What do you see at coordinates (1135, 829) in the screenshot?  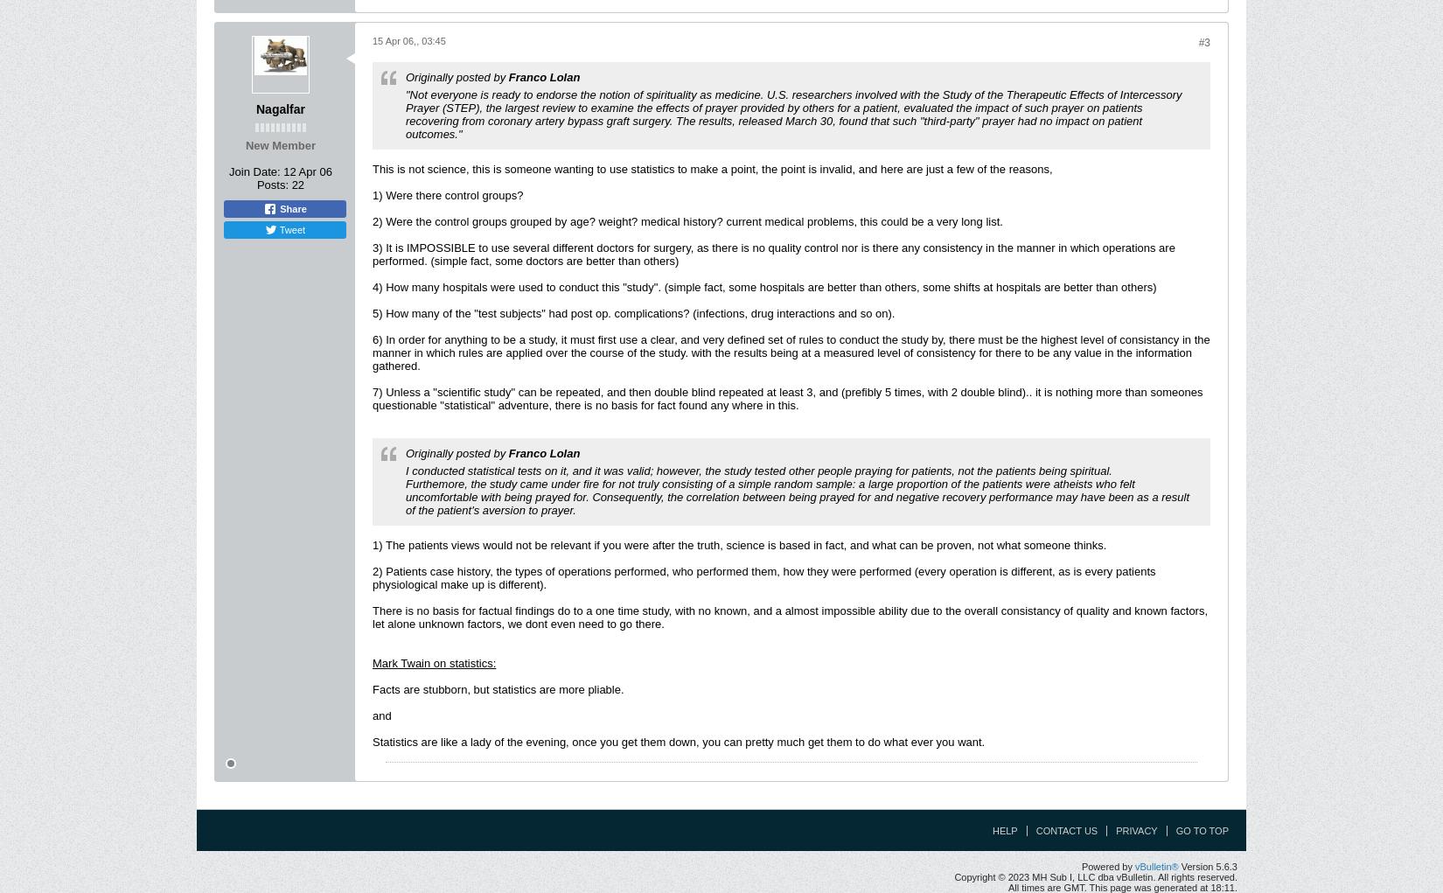 I see `'Privacy'` at bounding box center [1135, 829].